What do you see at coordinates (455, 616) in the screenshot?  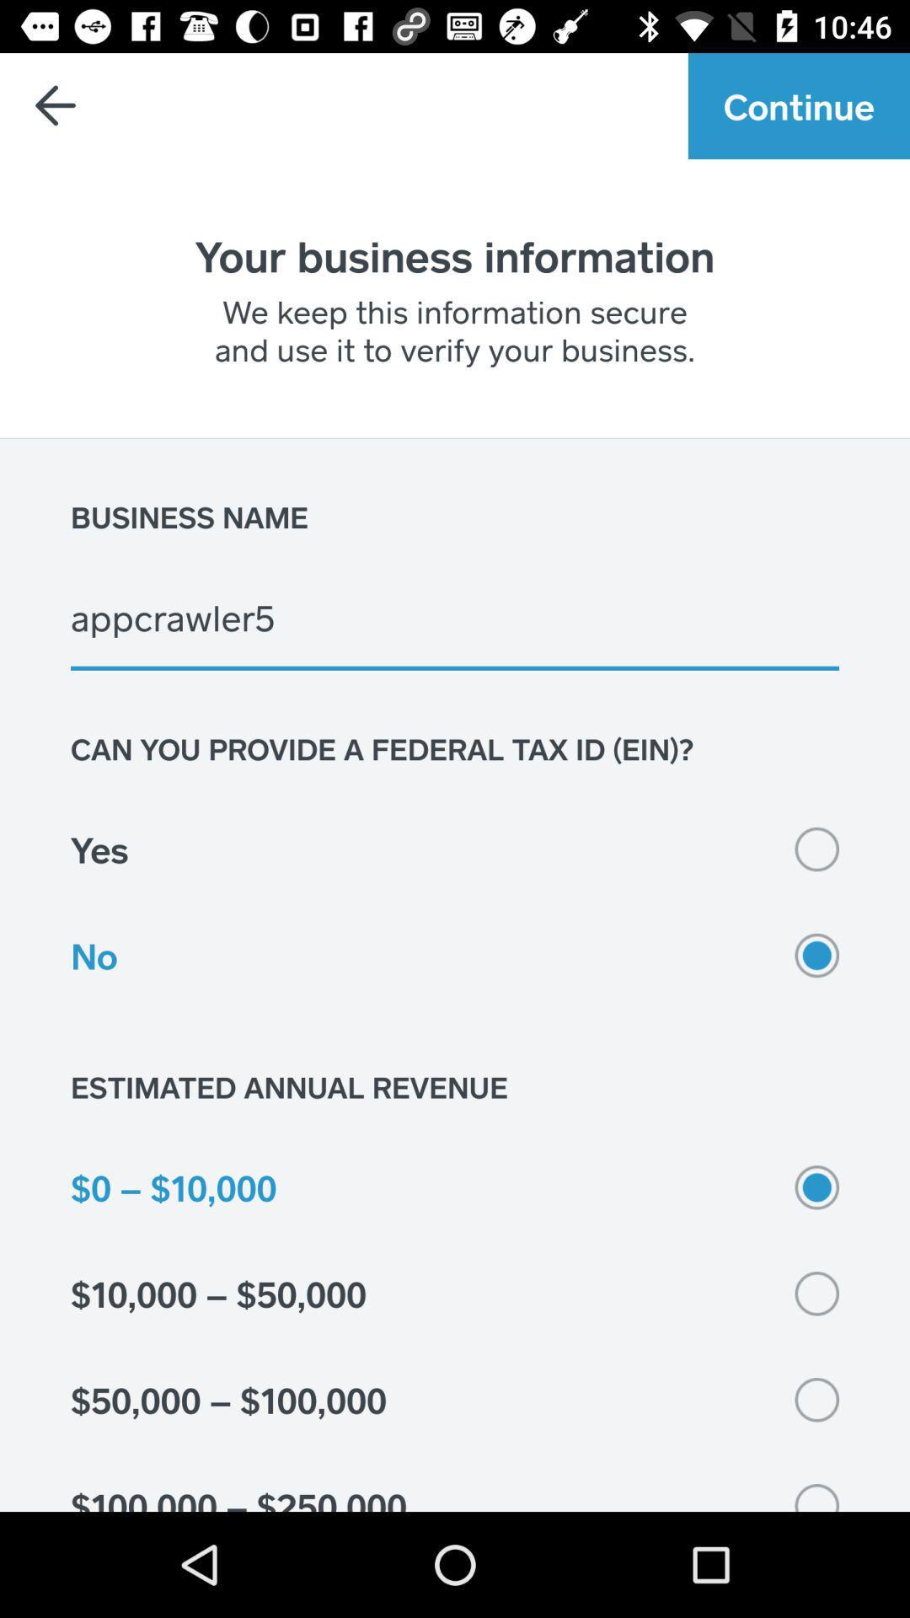 I see `the item below business name item` at bounding box center [455, 616].